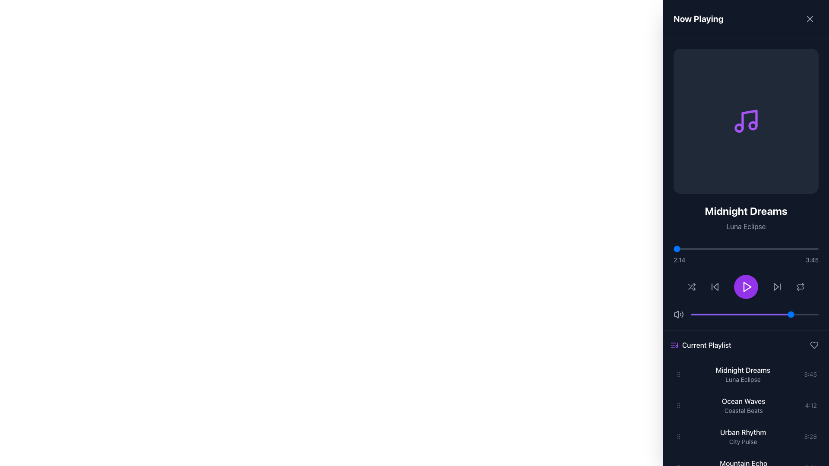 The image size is (829, 466). Describe the element at coordinates (700, 249) in the screenshot. I see `playback position` at that location.